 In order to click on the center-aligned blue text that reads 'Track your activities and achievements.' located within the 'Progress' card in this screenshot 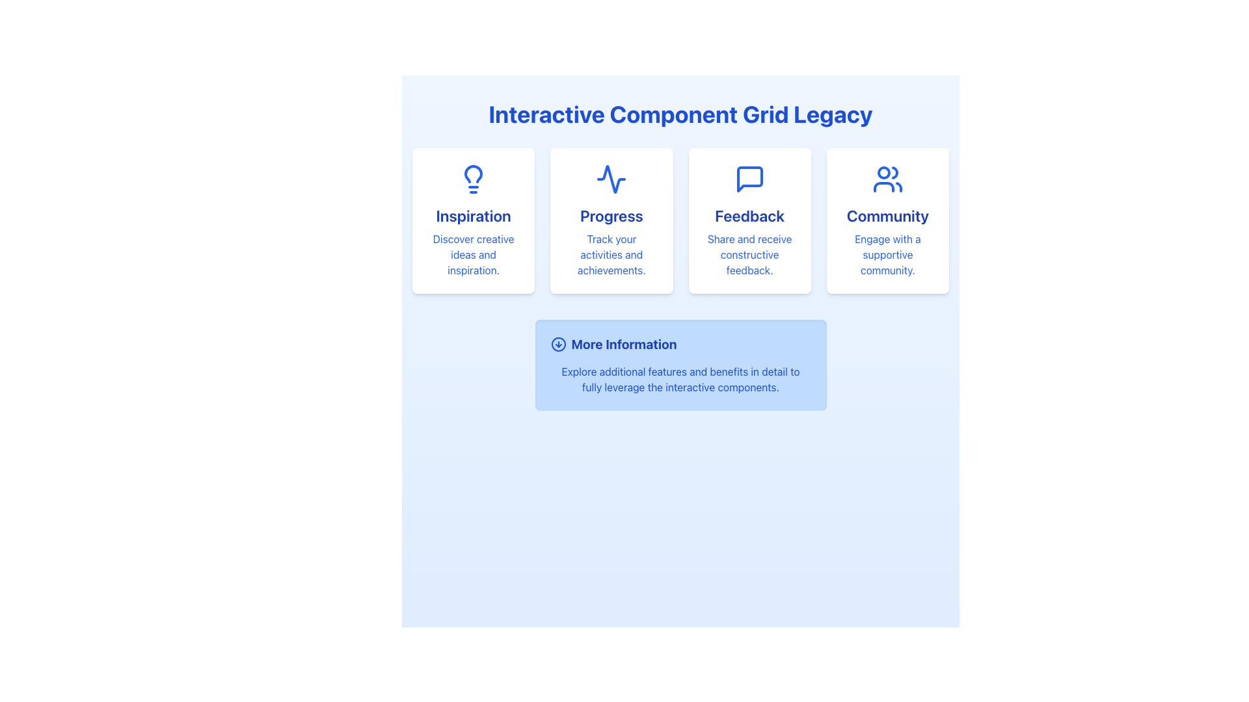, I will do `click(611, 255)`.